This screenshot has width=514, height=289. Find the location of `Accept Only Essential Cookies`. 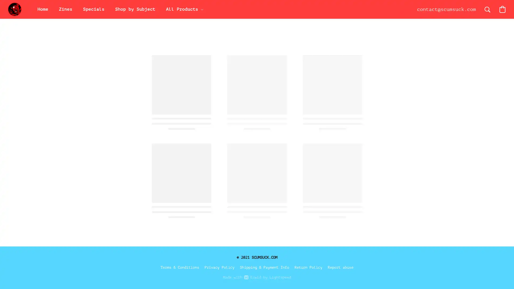

Accept Only Essential Cookies is located at coordinates (438, 191).